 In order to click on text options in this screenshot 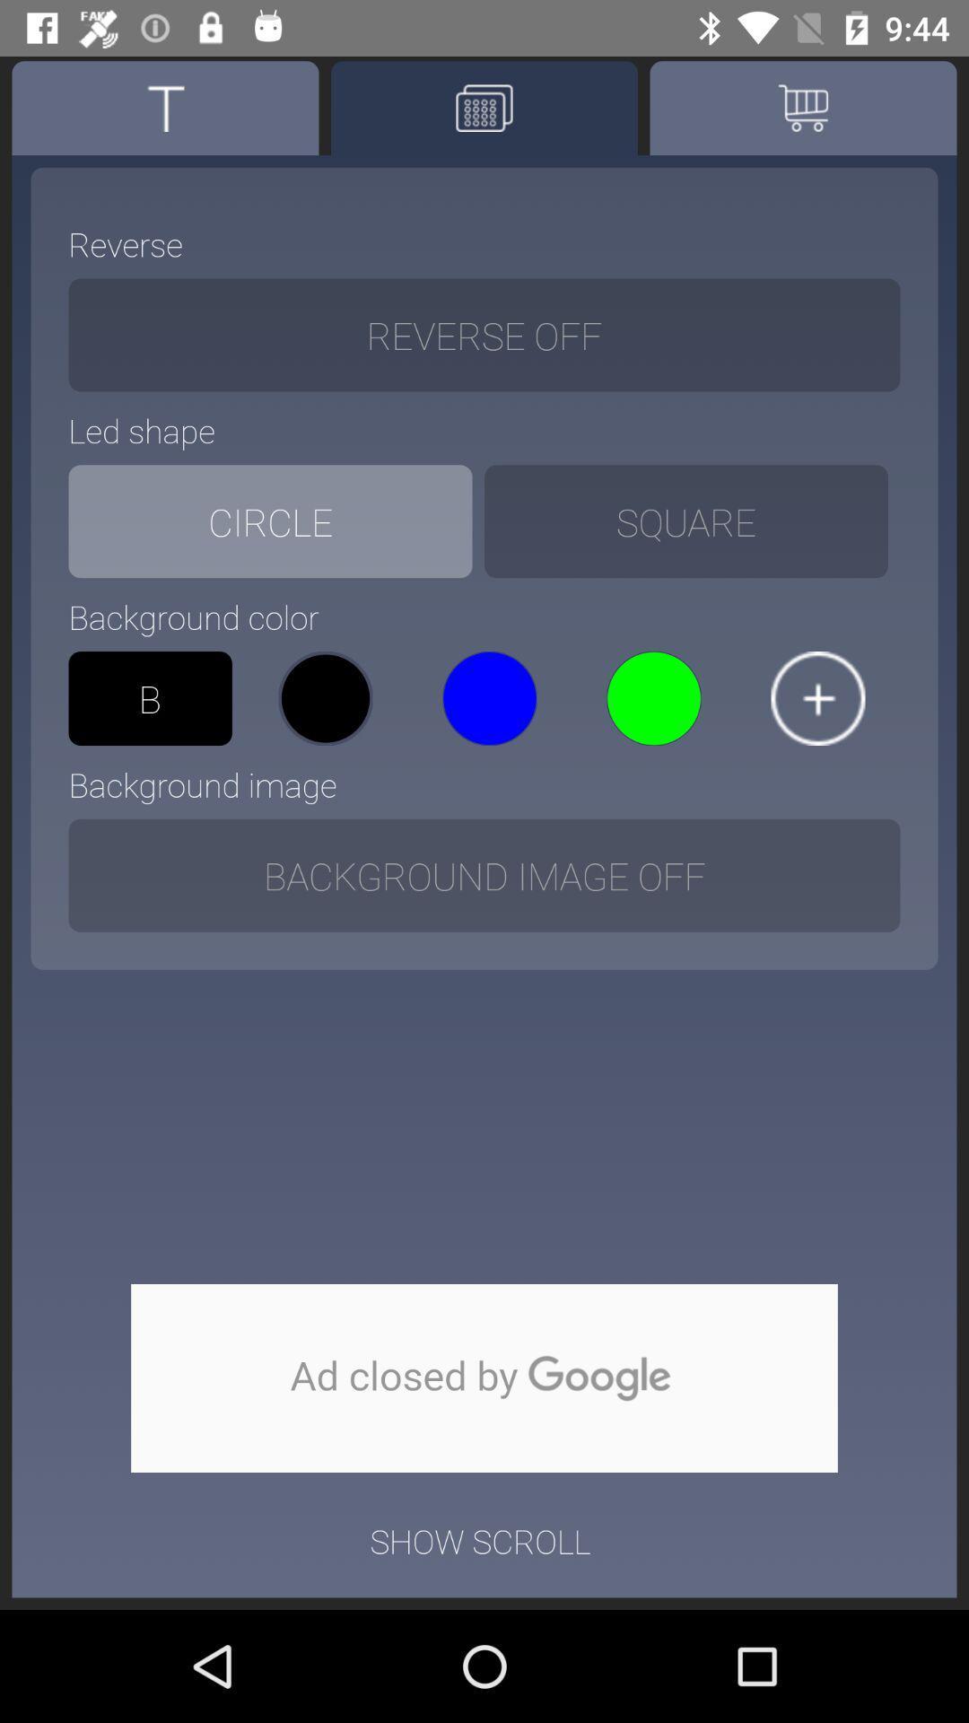, I will do `click(165, 107)`.